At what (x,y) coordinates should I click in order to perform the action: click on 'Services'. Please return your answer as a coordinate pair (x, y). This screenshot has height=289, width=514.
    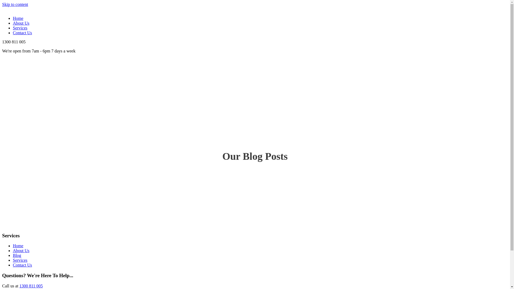
    Looking at the image, I should click on (13, 28).